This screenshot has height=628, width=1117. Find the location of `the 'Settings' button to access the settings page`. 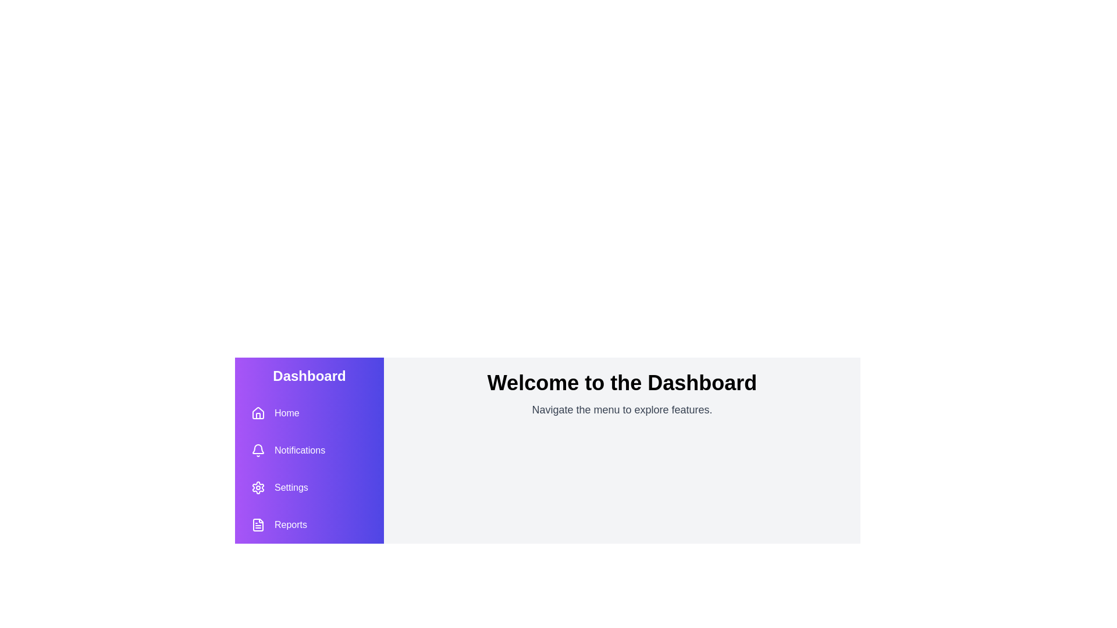

the 'Settings' button to access the settings page is located at coordinates (279, 488).